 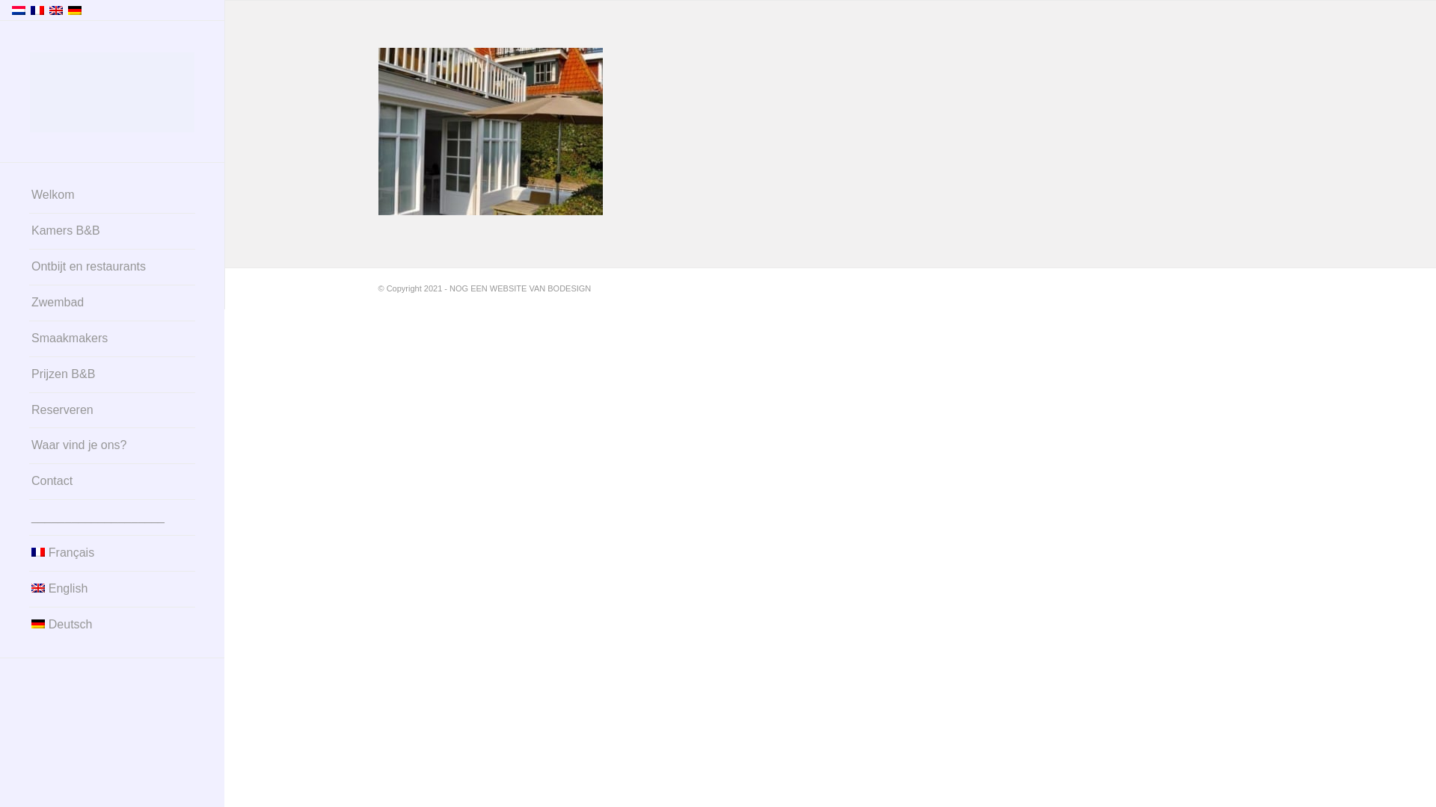 What do you see at coordinates (111, 411) in the screenshot?
I see `'Reserveren'` at bounding box center [111, 411].